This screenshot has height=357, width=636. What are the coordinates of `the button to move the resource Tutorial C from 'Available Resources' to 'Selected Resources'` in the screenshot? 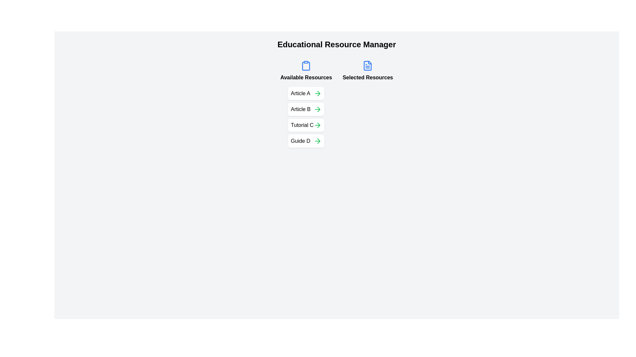 It's located at (317, 125).